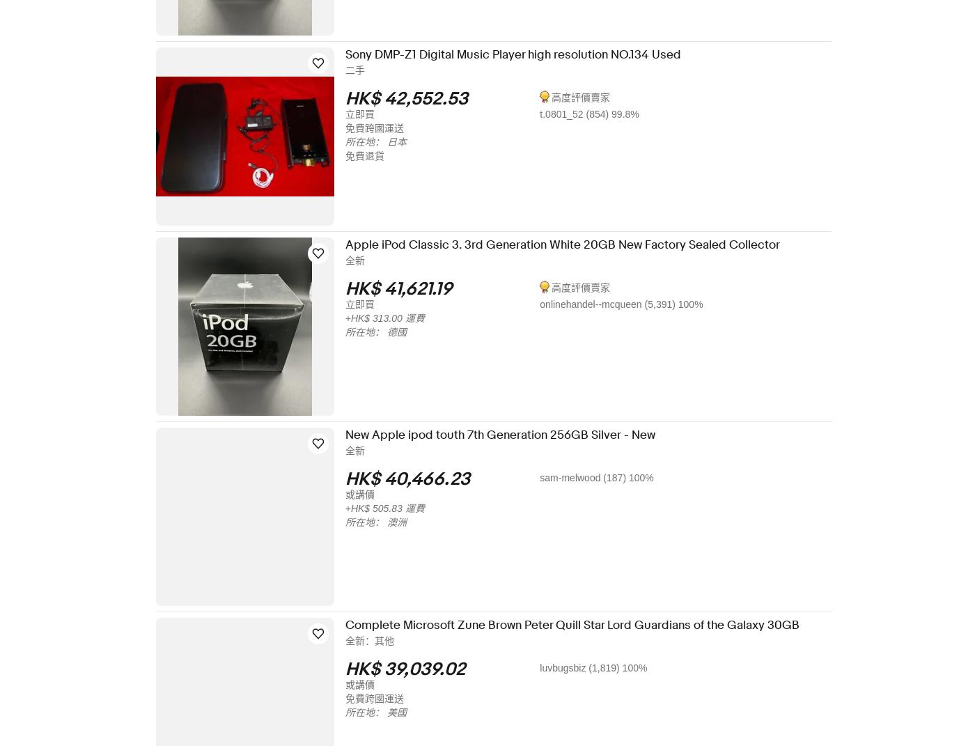 Image resolution: width=975 pixels, height=746 pixels. Describe the element at coordinates (602, 667) in the screenshot. I see `'luvbugsbiz (1,819) 100%'` at that location.